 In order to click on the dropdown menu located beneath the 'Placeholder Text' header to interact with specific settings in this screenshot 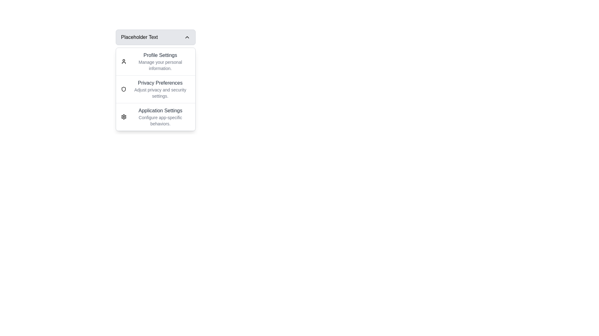, I will do `click(156, 89)`.